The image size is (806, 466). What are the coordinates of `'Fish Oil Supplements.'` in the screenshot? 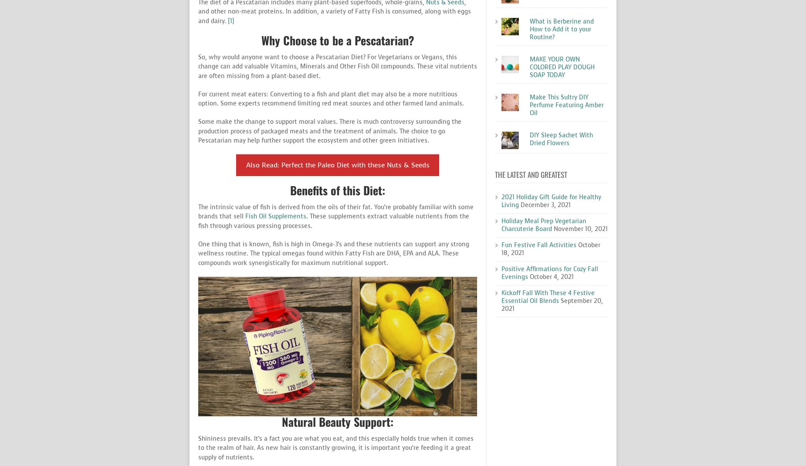 It's located at (276, 216).